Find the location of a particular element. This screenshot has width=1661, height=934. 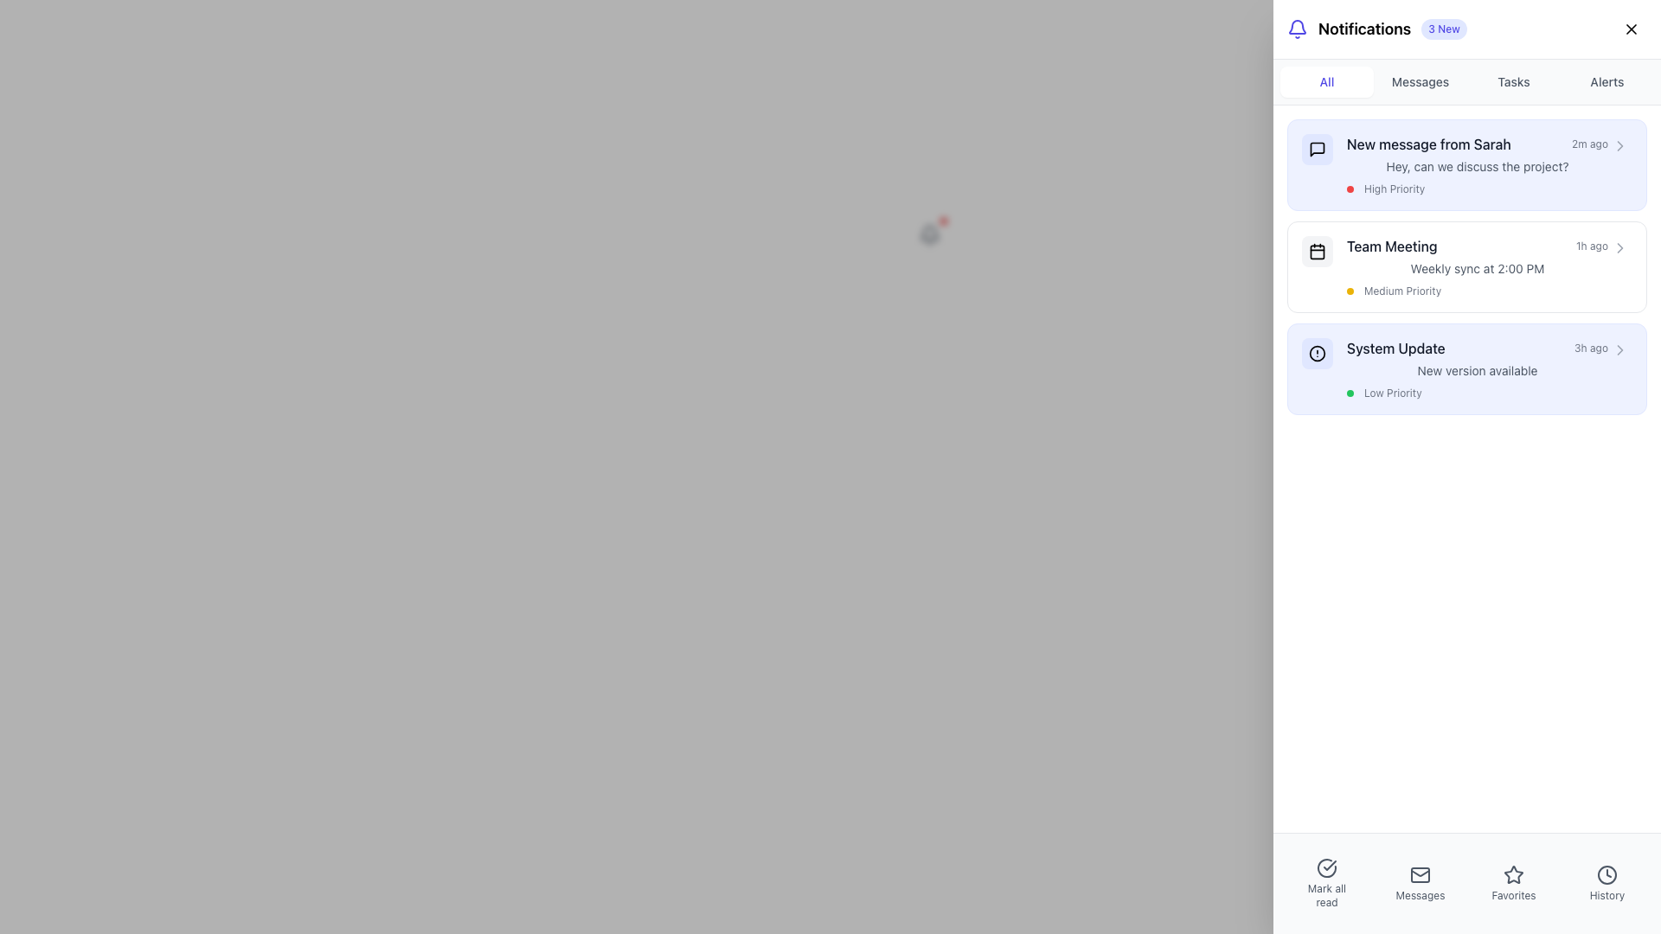

the text label displaying '2m ago', which is located in the upper-right corner of the notification block next to the title 'New message from Sarah' is located at coordinates (1590, 143).